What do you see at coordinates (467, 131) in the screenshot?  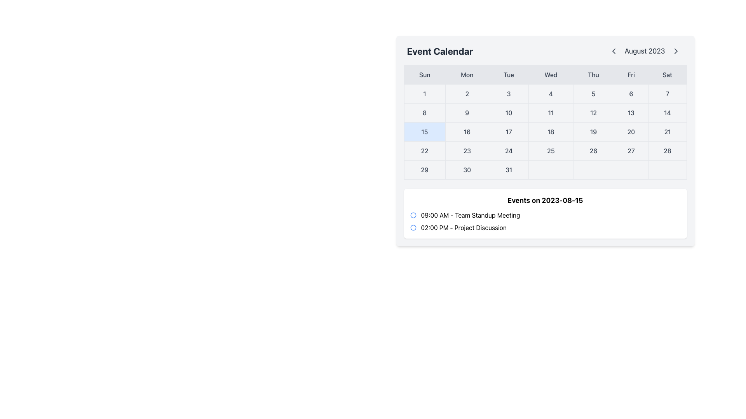 I see `the static calendar cell representing the date '16', which is the second cell in the row immediately following the cell labeled '15'` at bounding box center [467, 131].